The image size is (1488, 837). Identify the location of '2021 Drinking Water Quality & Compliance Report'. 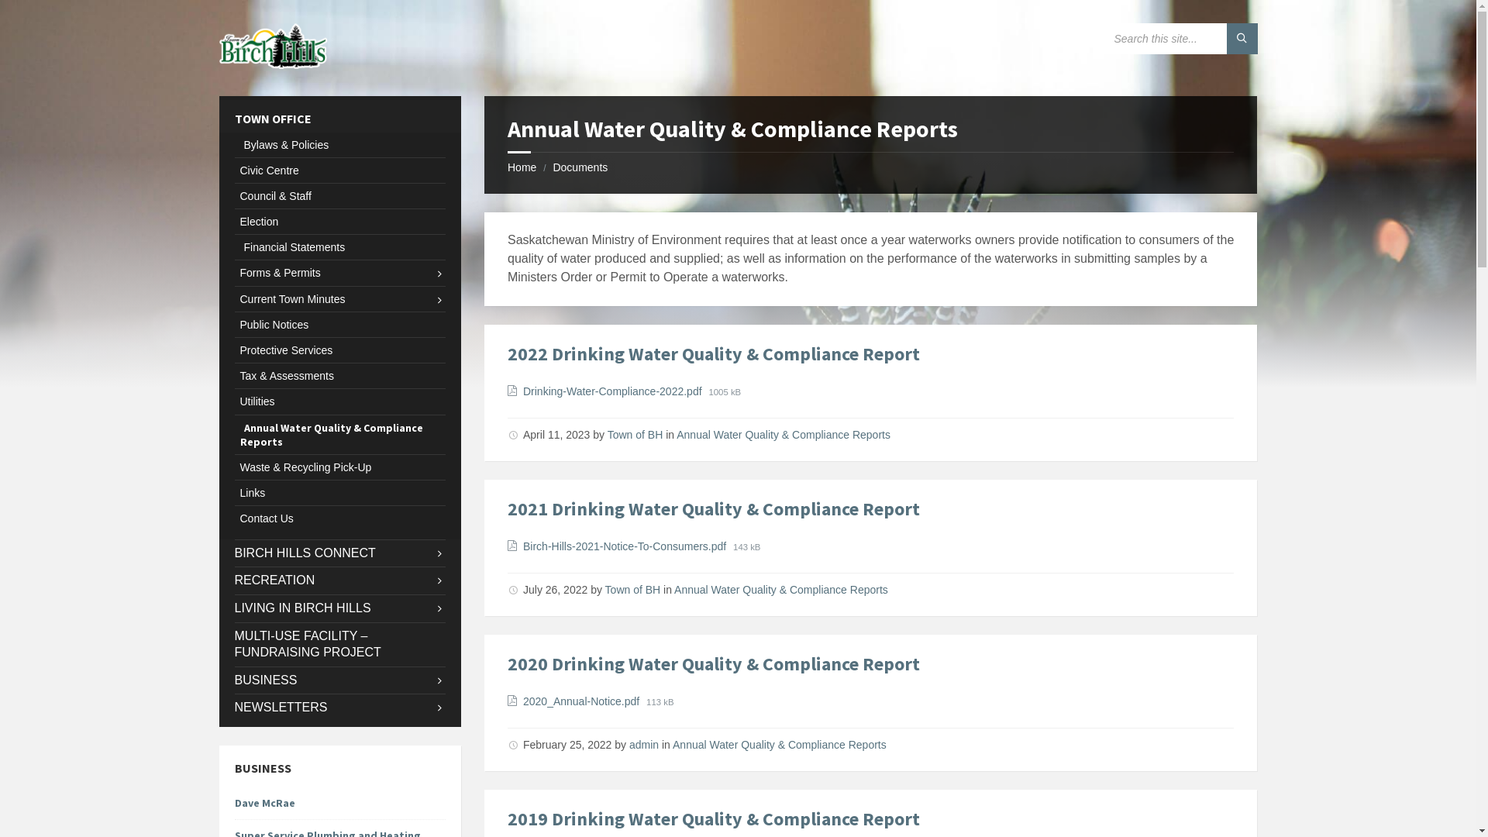
(713, 508).